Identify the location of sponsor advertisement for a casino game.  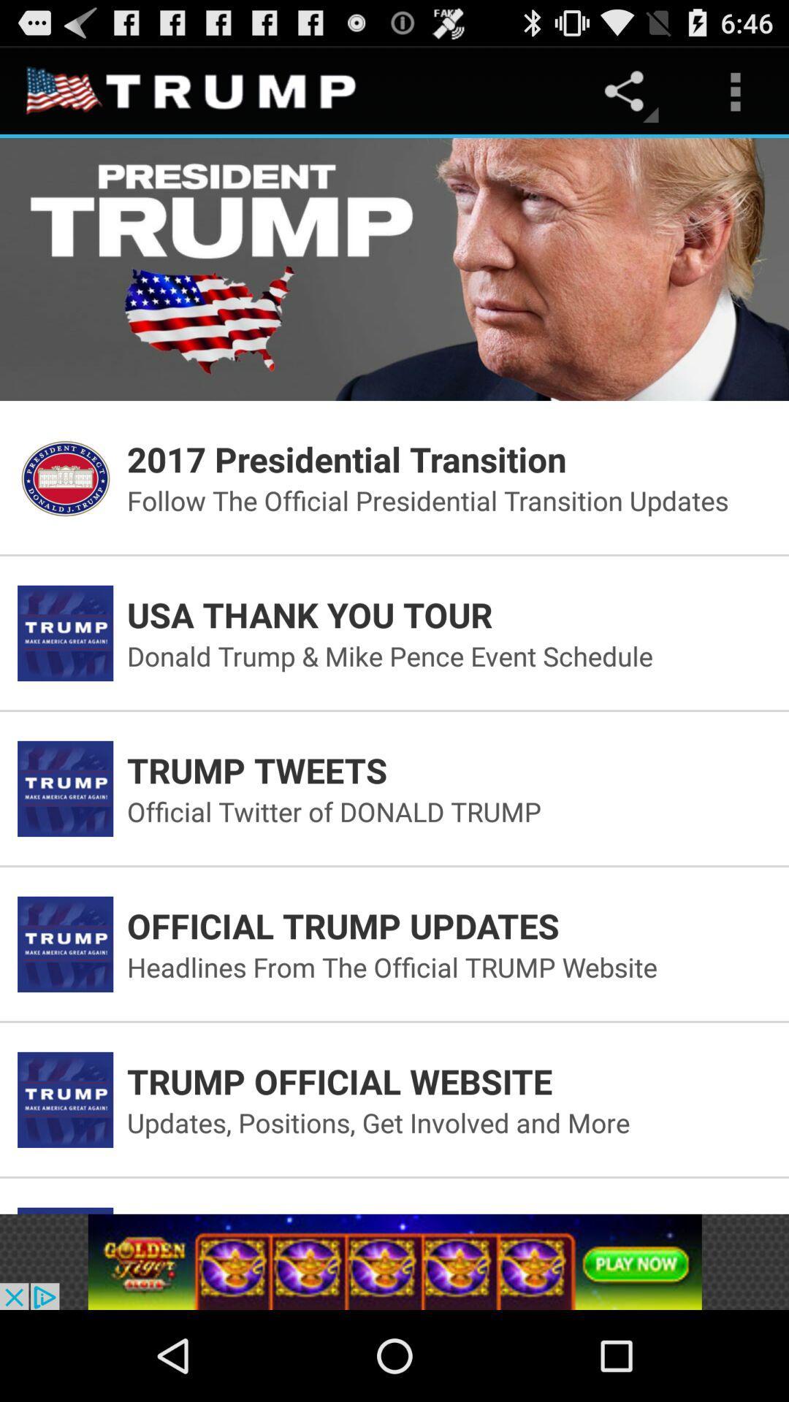
(394, 1261).